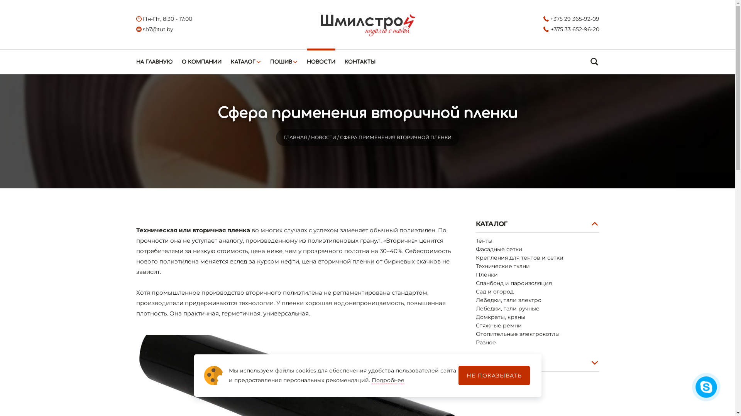  I want to click on 'sh7@tut.by', so click(154, 29).